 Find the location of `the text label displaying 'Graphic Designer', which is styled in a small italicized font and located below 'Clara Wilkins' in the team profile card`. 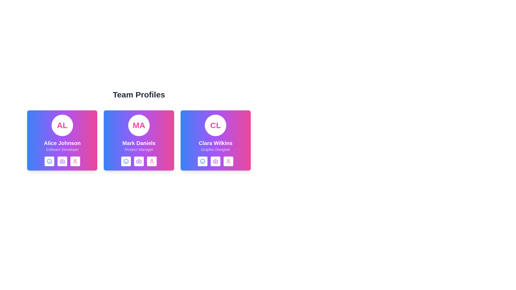

the text label displaying 'Graphic Designer', which is styled in a small italicized font and located below 'Clara Wilkins' in the team profile card is located at coordinates (216, 149).